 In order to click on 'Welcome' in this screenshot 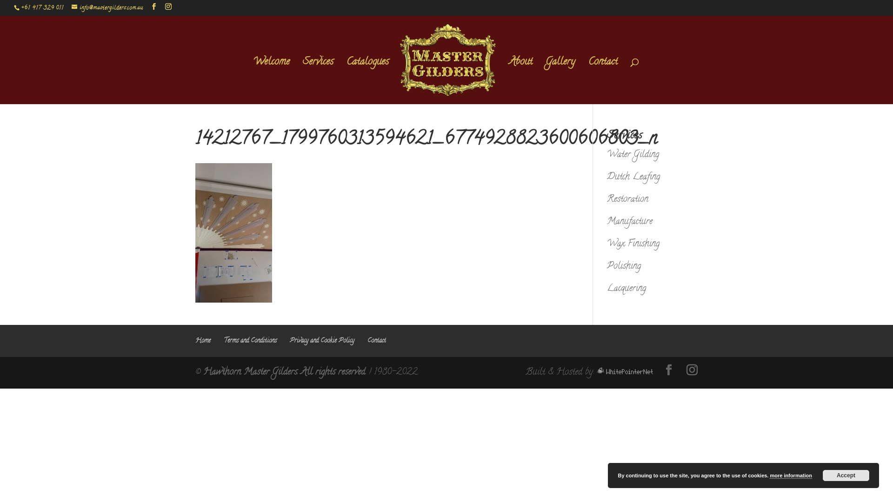, I will do `click(253, 81)`.